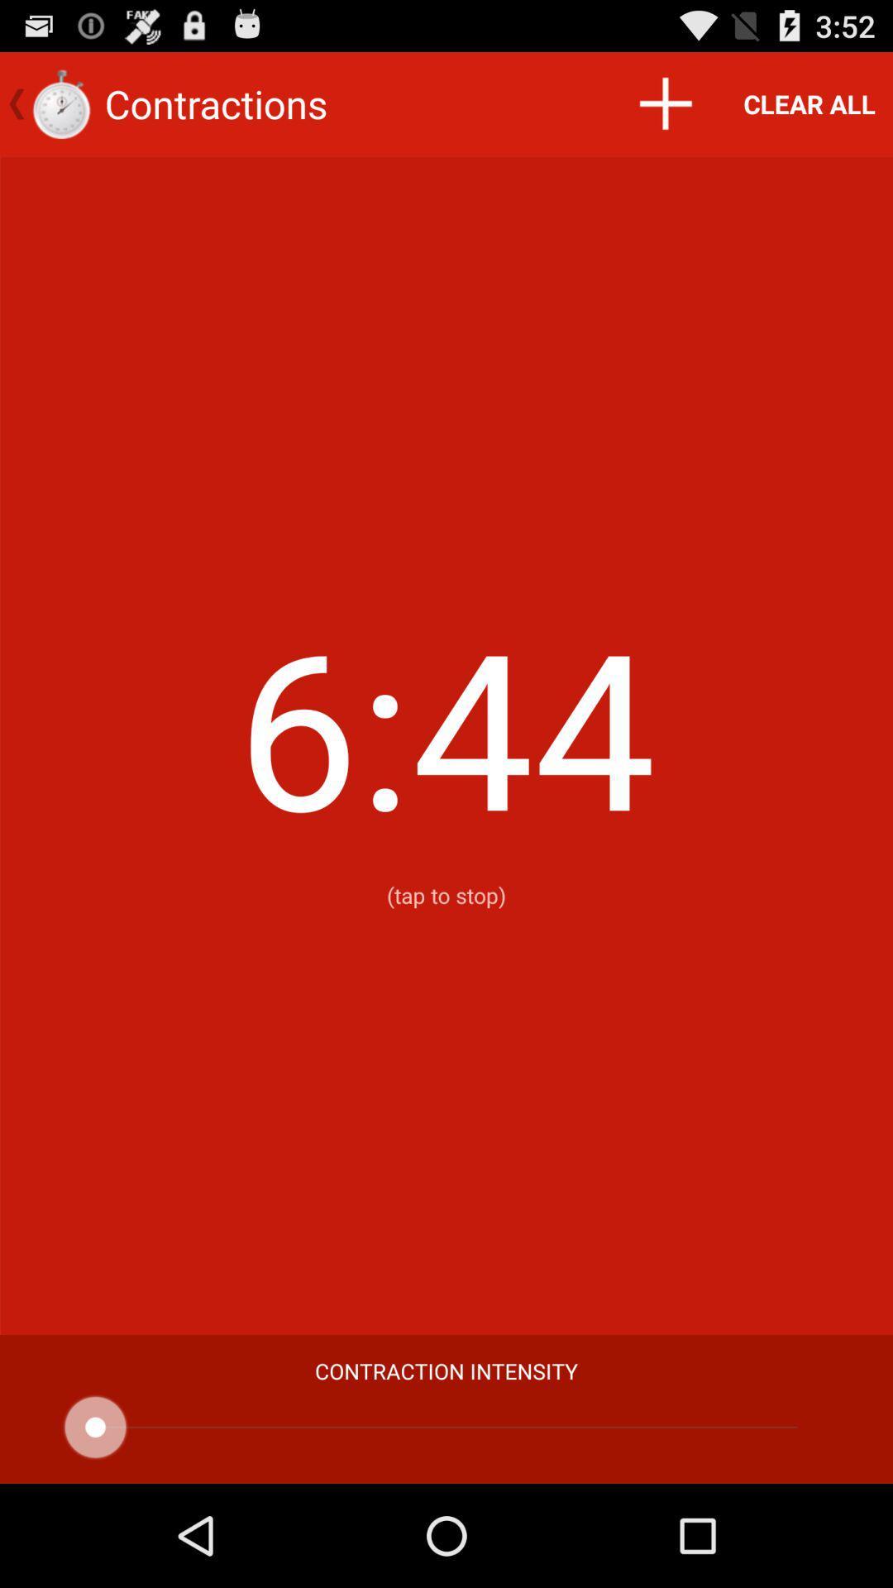 This screenshot has height=1588, width=893. Describe the element at coordinates (664, 103) in the screenshot. I see `plus symbol` at that location.